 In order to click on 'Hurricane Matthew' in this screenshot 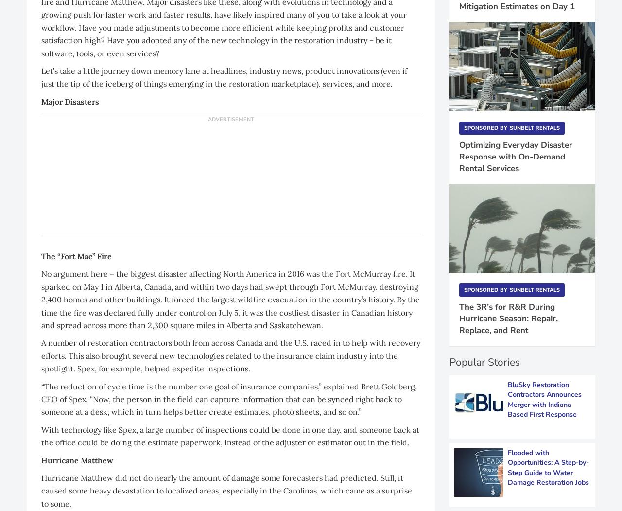, I will do `click(76, 459)`.